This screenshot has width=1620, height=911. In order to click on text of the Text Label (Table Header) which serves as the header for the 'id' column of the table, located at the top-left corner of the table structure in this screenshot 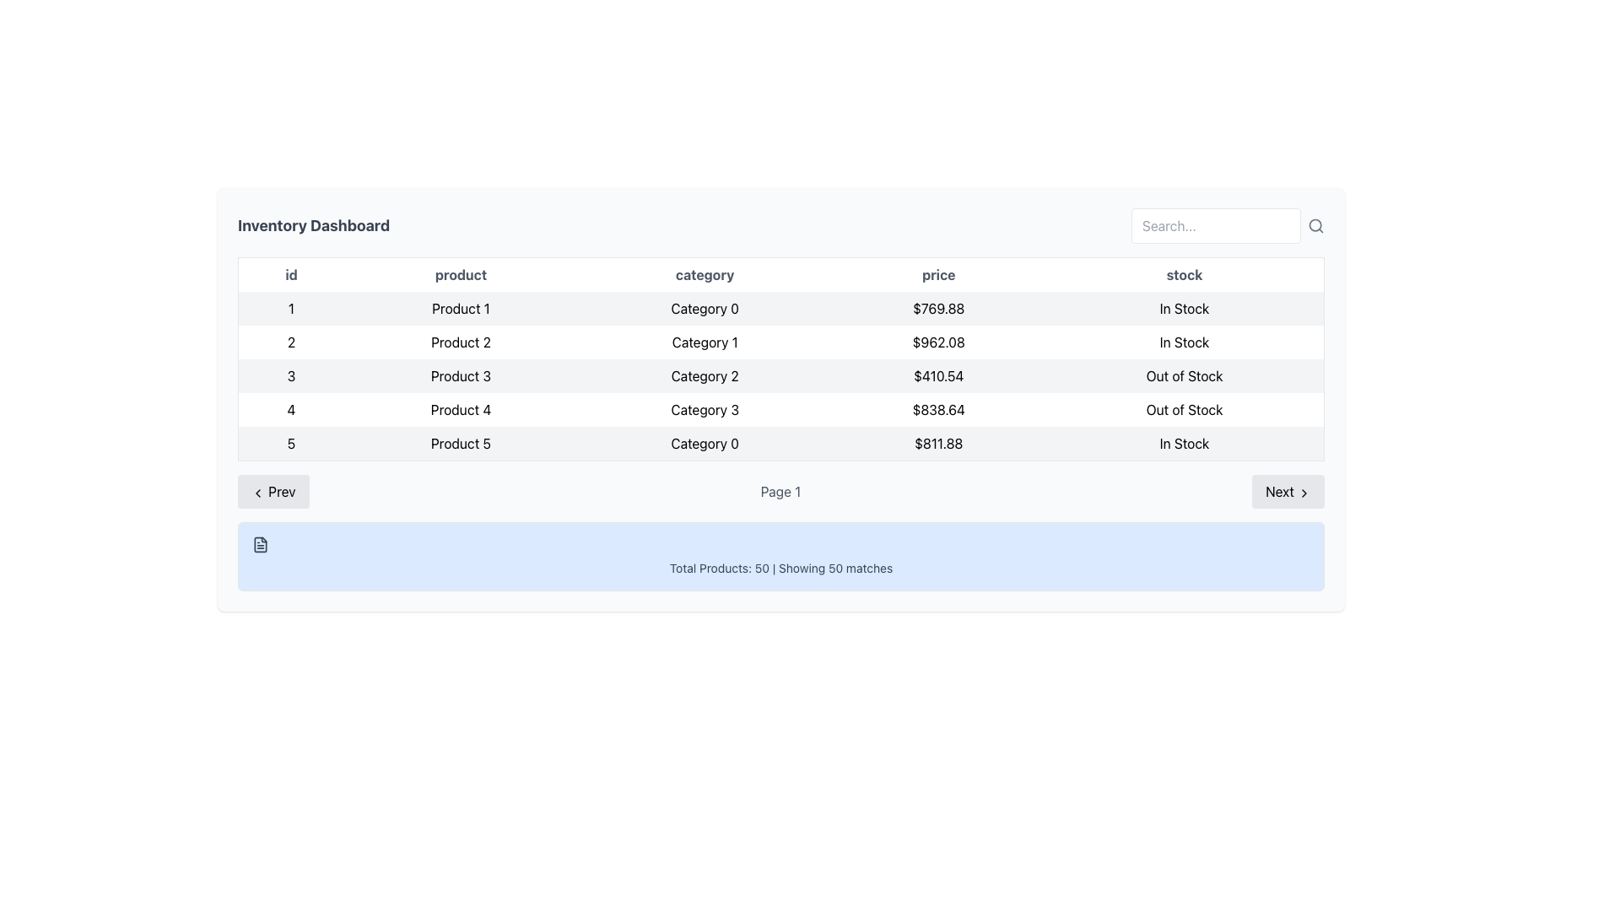, I will do `click(291, 273)`.